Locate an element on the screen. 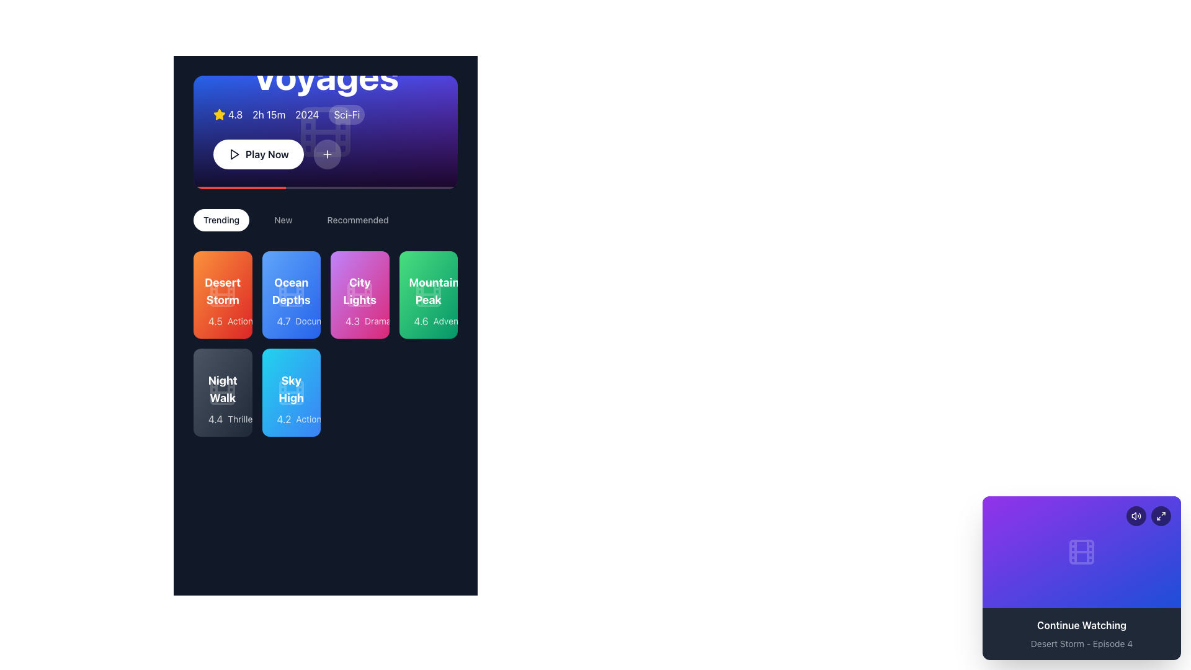 This screenshot has width=1191, height=670. the text label displaying the duration '2h 15m' in white font on a blue background, which is positioned to the right of the rating '4.8' and to the left of the year '2024' is located at coordinates (268, 114).